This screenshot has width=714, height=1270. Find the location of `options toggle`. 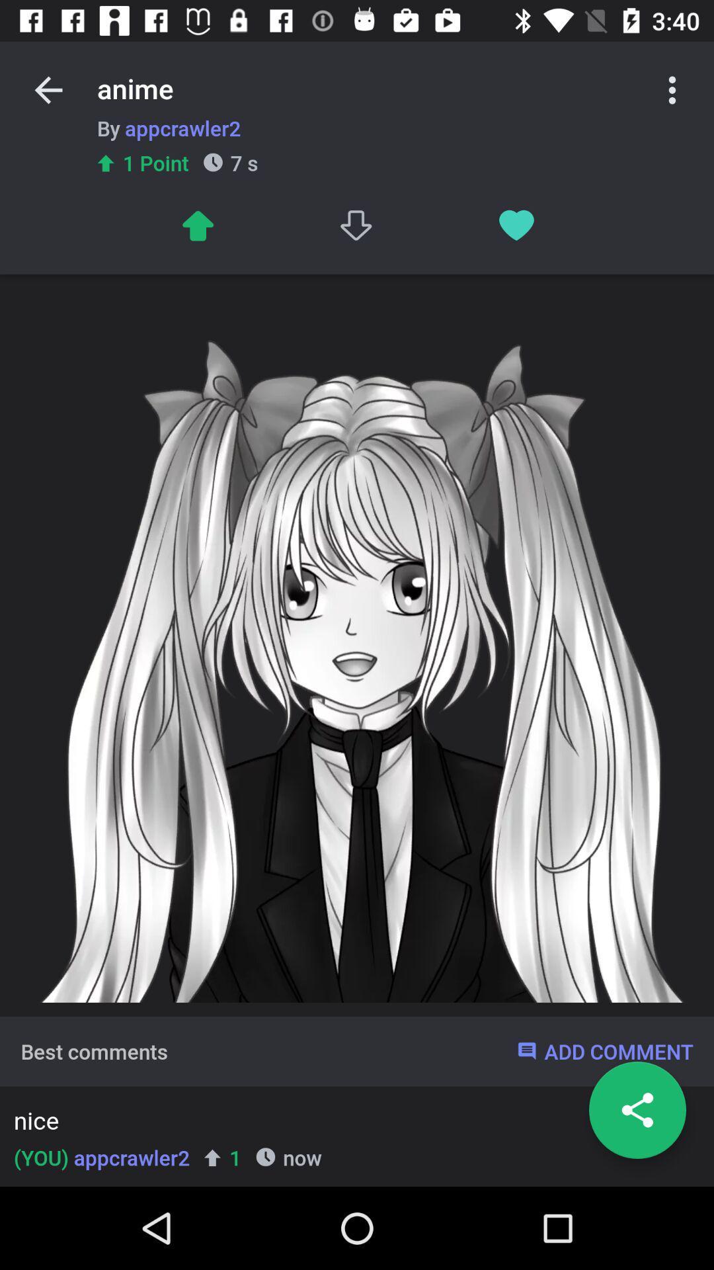

options toggle is located at coordinates (672, 89).